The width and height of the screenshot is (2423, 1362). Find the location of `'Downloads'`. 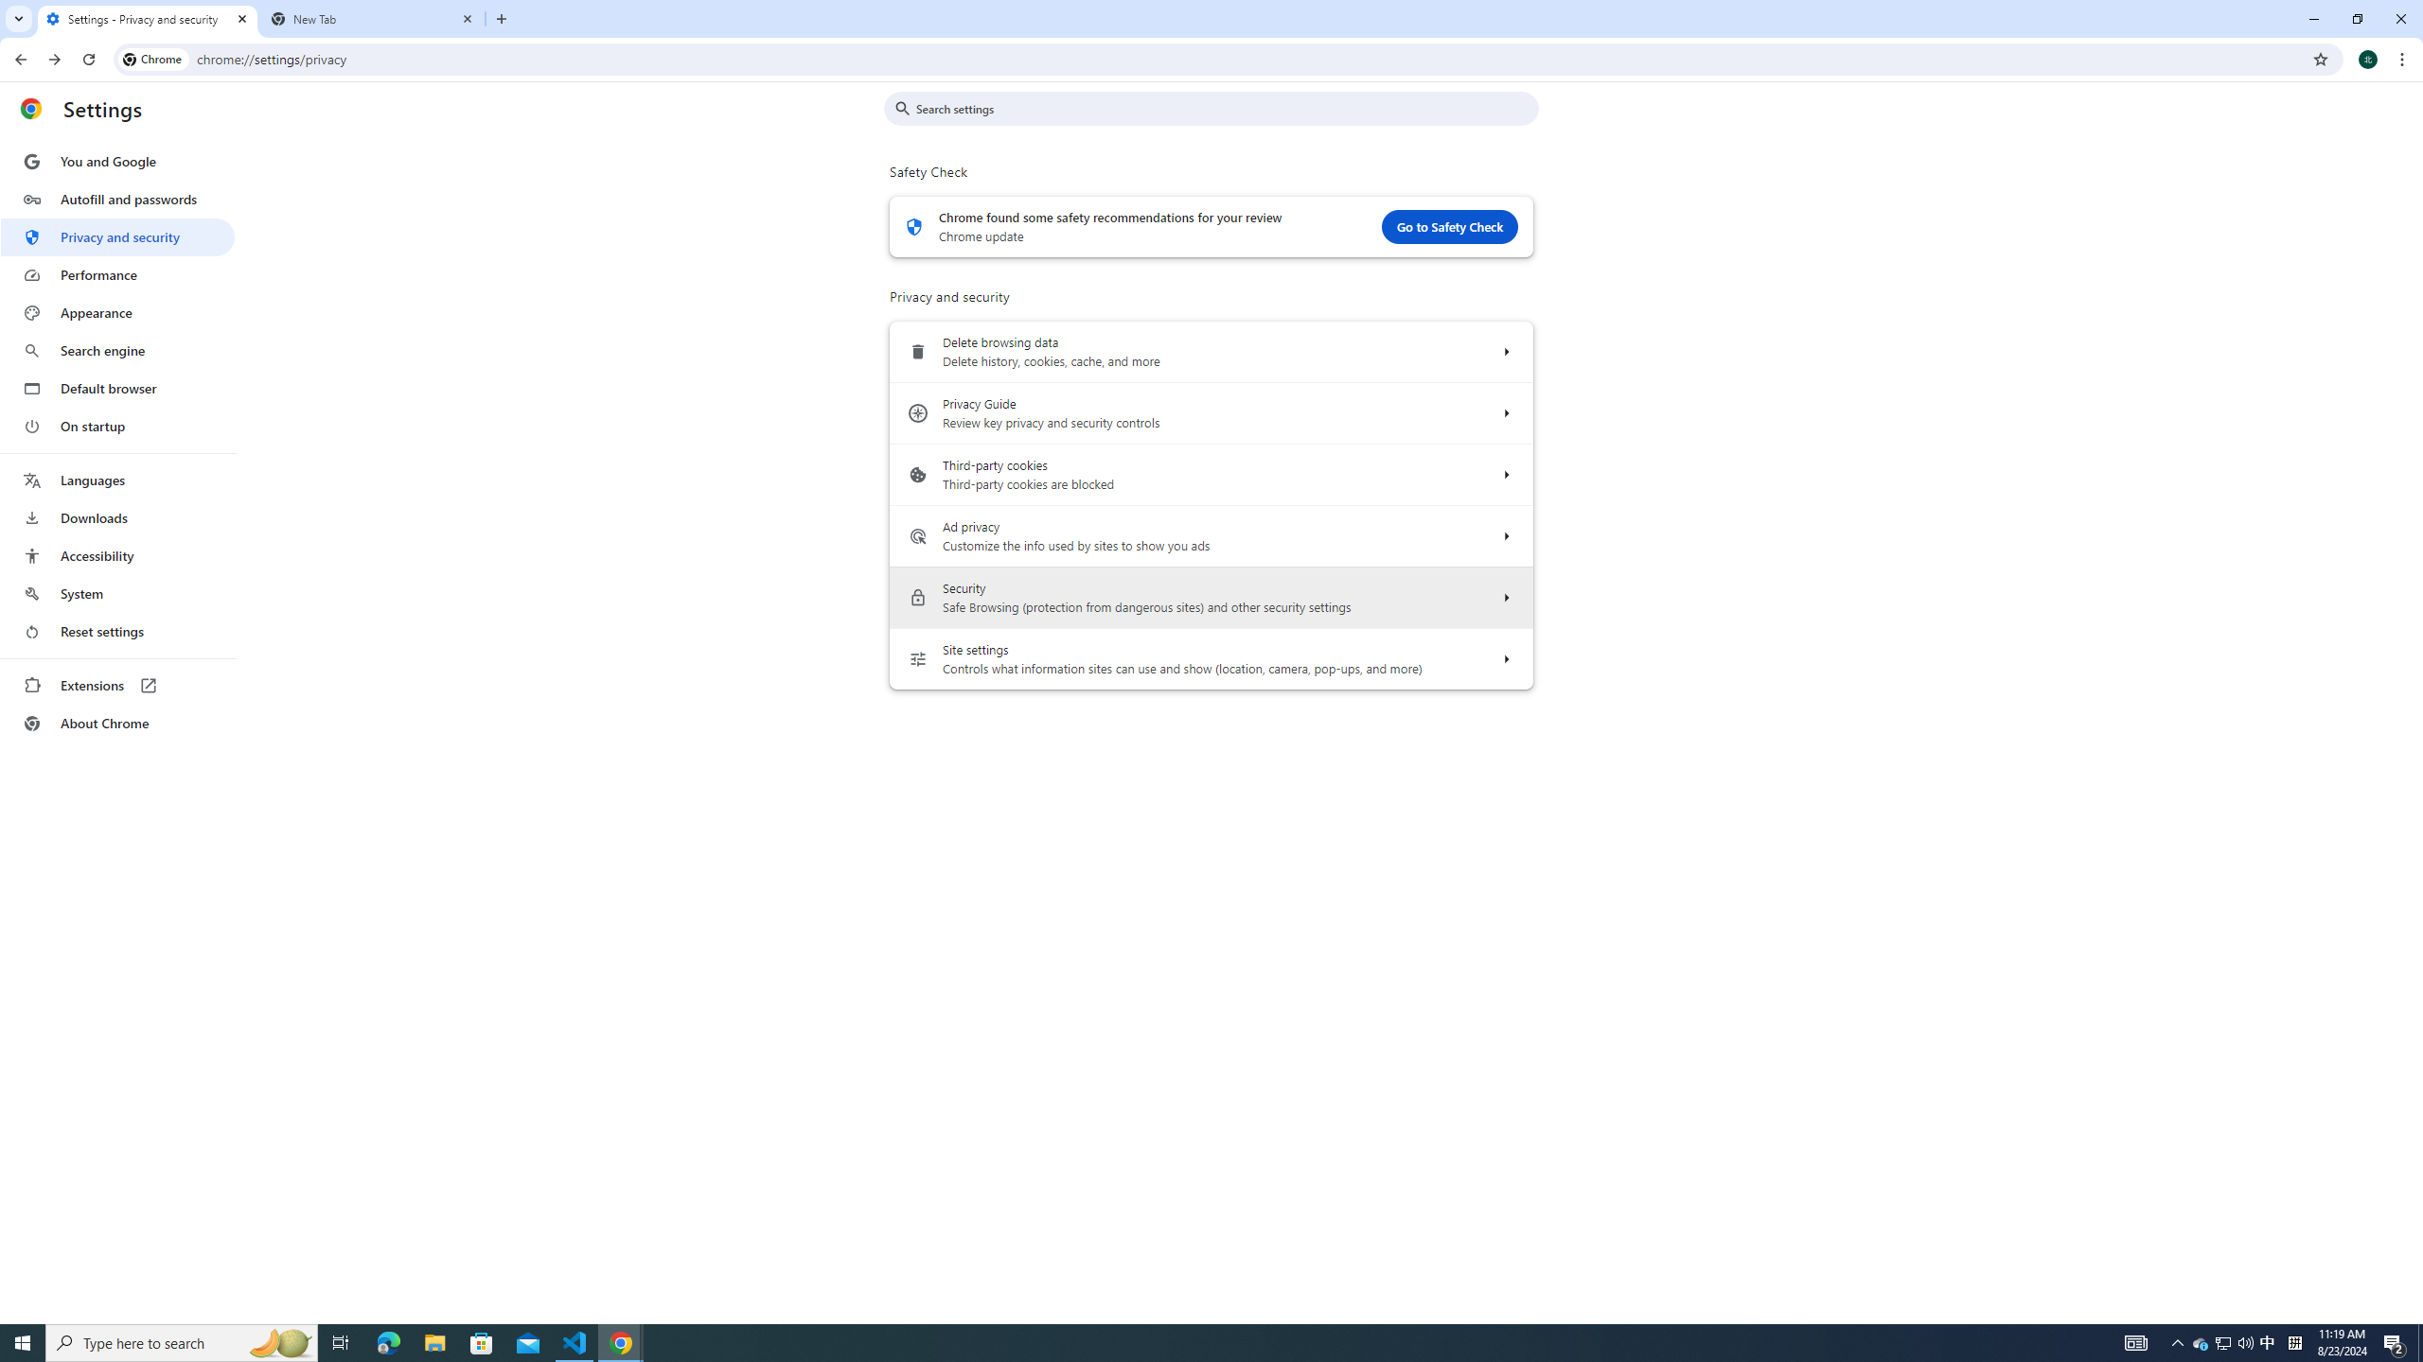

'Downloads' is located at coordinates (116, 517).